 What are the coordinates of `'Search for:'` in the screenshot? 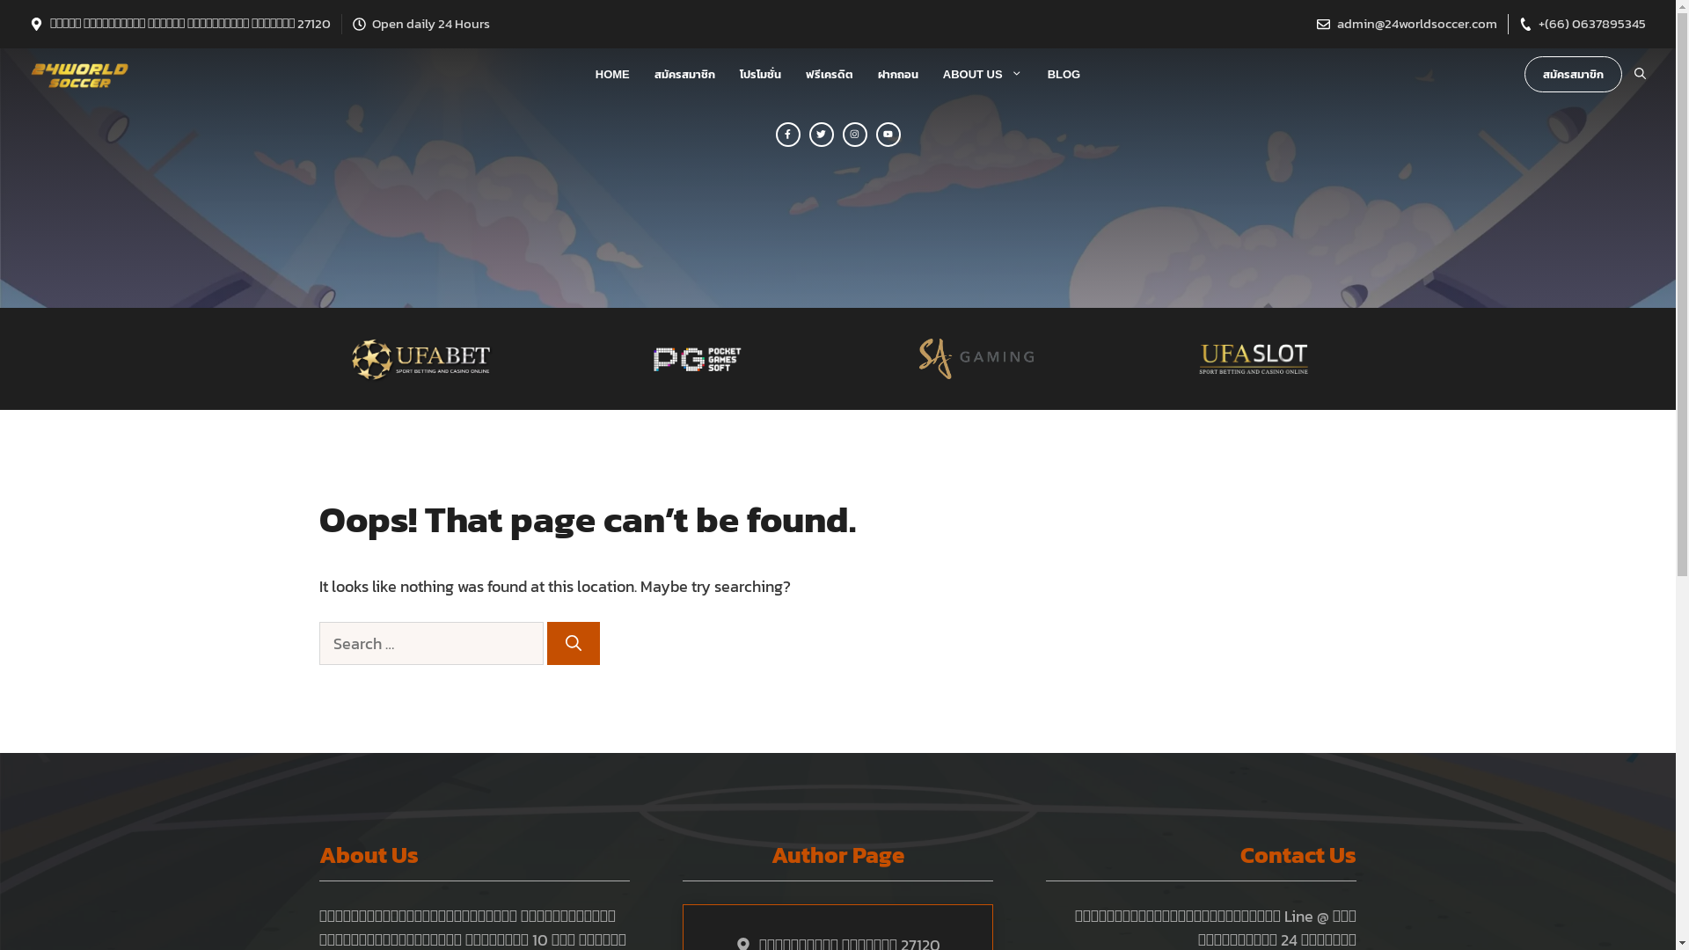 It's located at (430, 643).